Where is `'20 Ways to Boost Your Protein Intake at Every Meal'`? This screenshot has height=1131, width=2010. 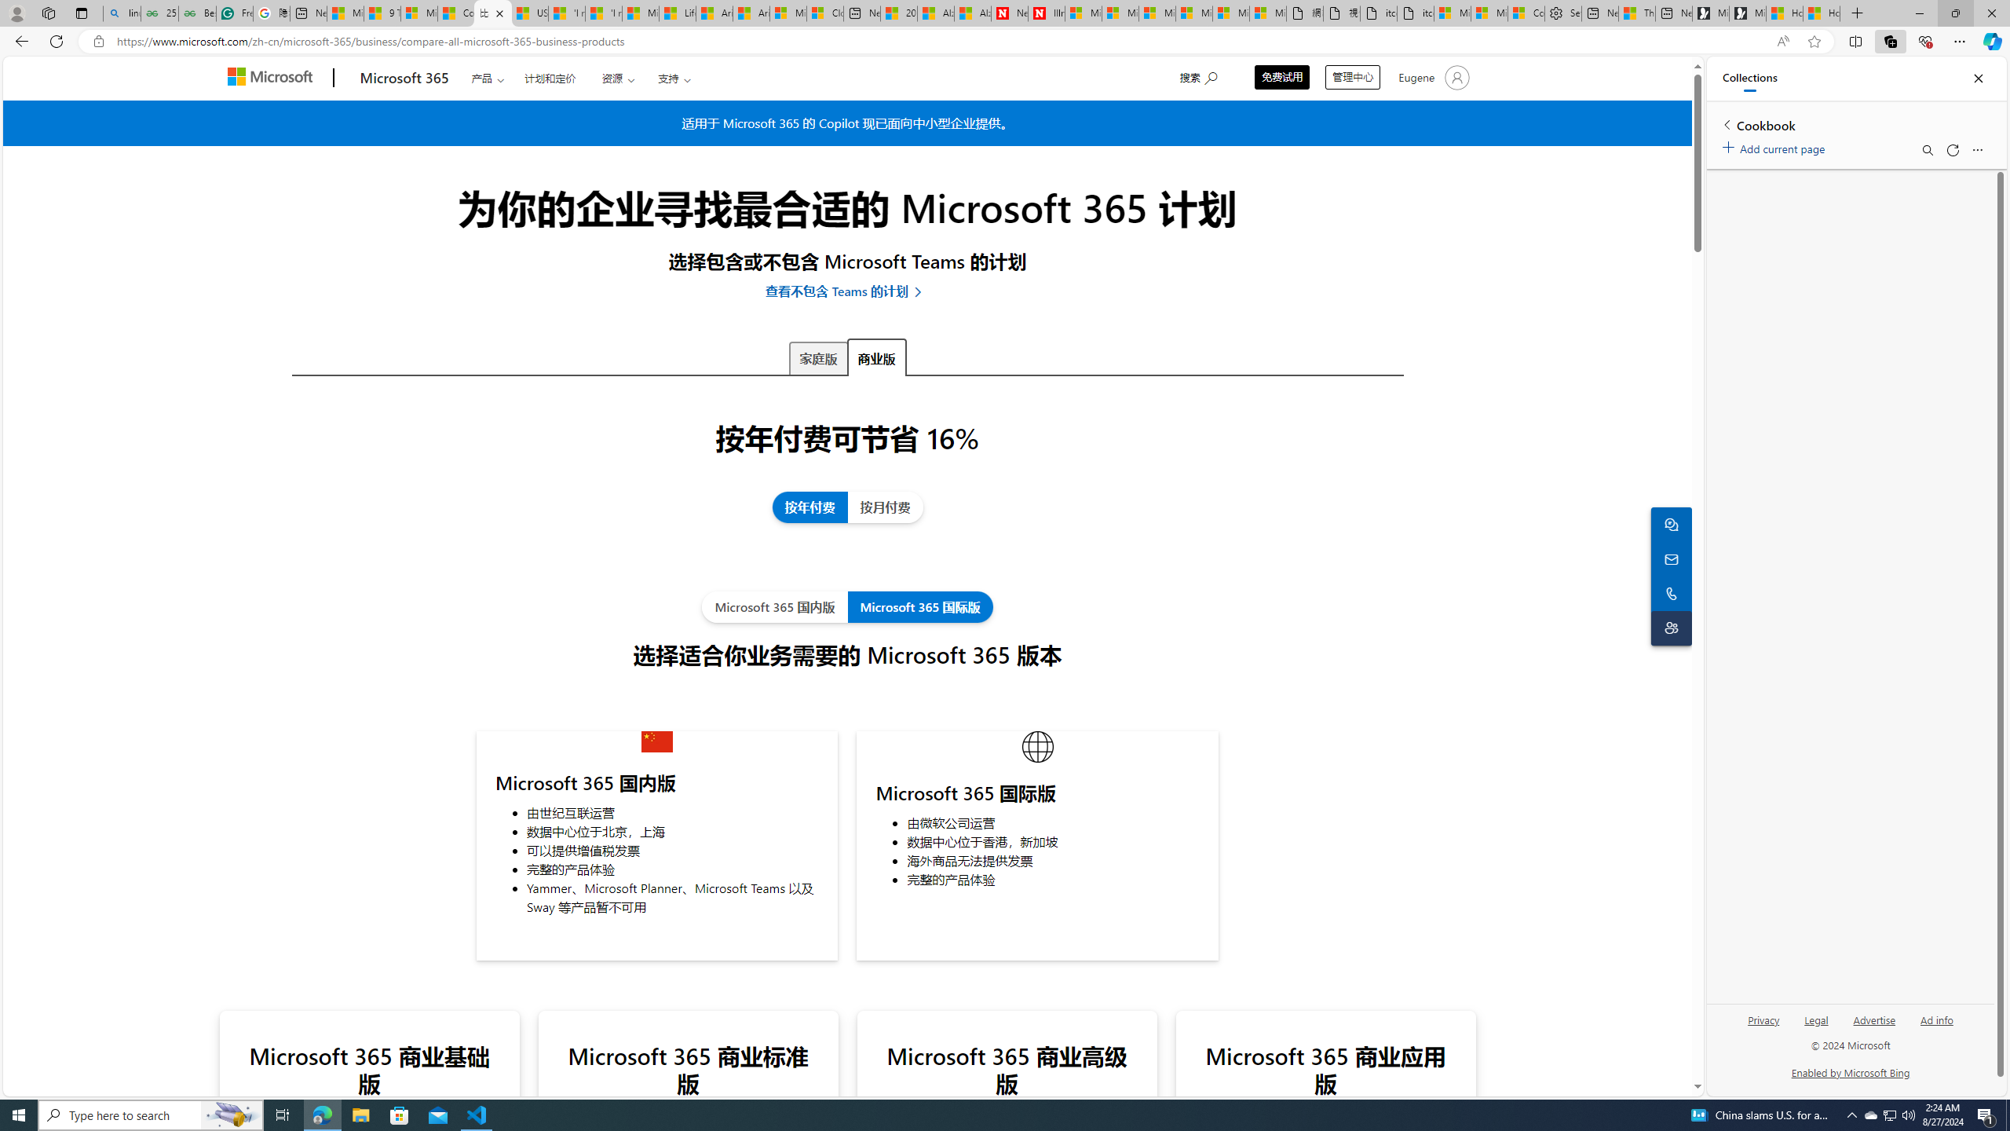 '20 Ways to Boost Your Protein Intake at Every Meal' is located at coordinates (899, 13).